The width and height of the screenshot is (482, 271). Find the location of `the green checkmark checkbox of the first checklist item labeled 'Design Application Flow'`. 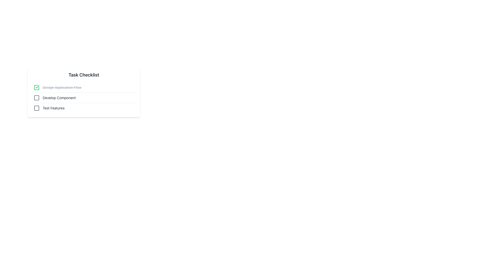

the green checkmark checkbox of the first checklist item labeled 'Design Application Flow' is located at coordinates (84, 87).